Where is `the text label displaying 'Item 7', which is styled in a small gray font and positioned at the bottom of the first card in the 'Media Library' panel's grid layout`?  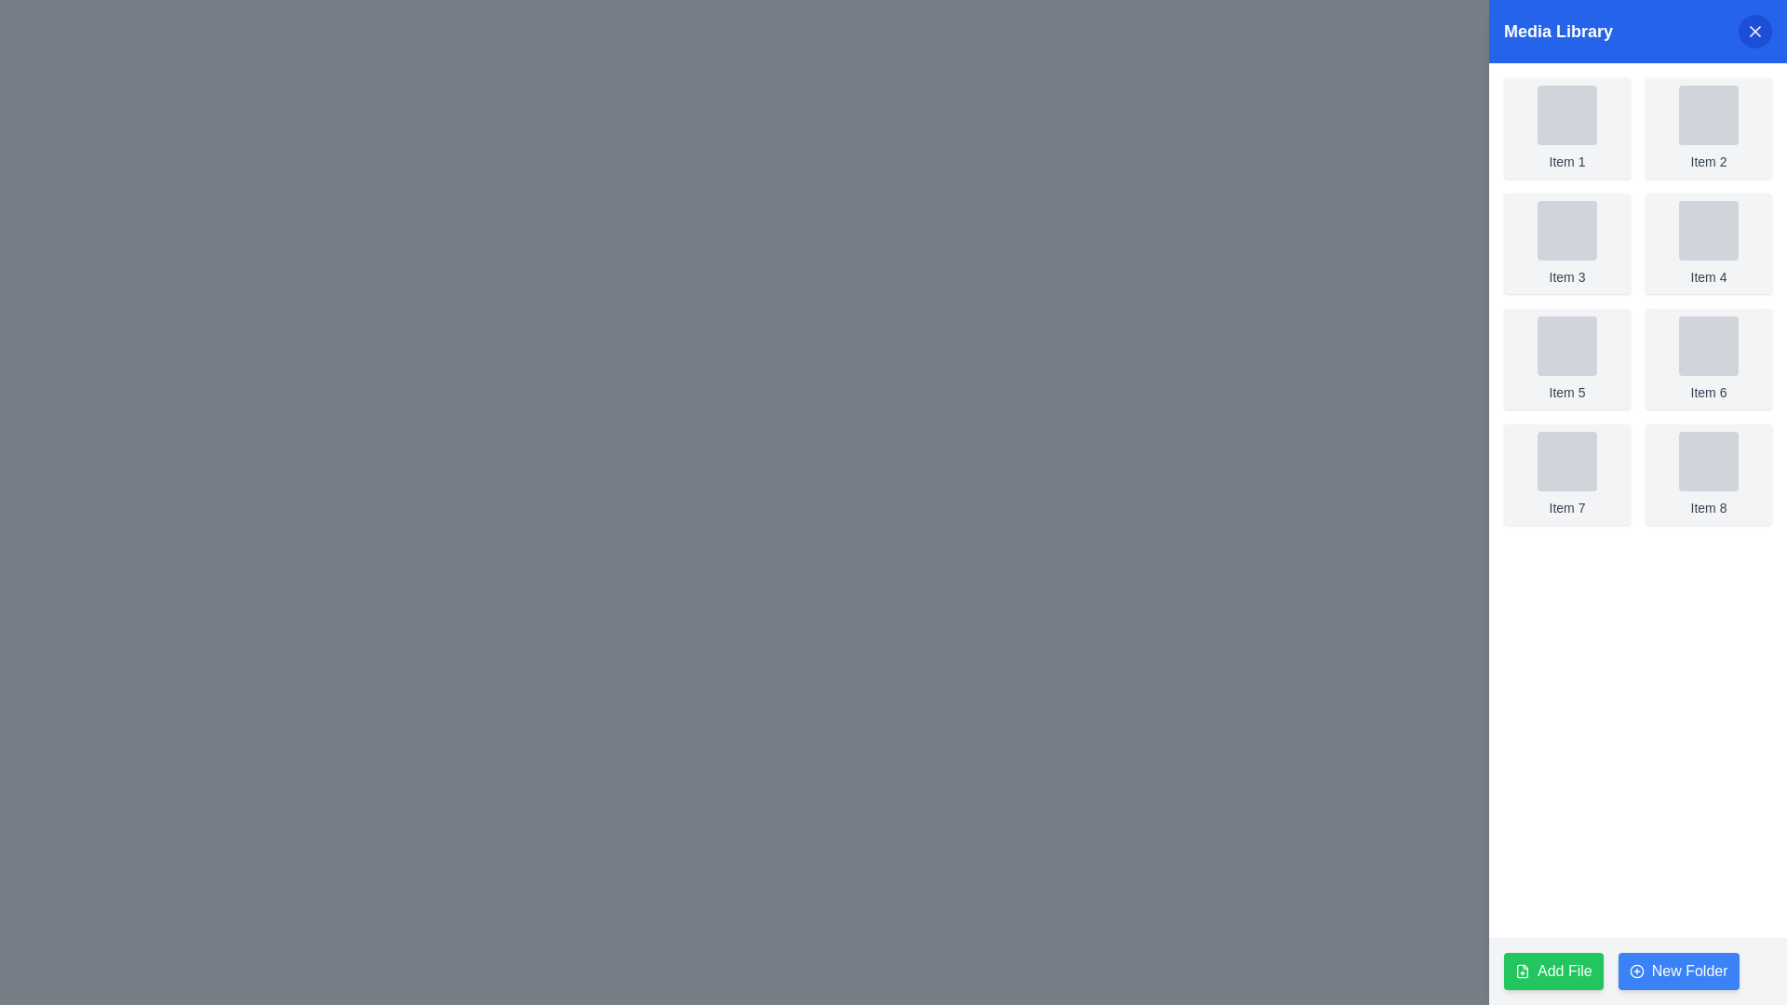
the text label displaying 'Item 7', which is styled in a small gray font and positioned at the bottom of the first card in the 'Media Library' panel's grid layout is located at coordinates (1566, 508).